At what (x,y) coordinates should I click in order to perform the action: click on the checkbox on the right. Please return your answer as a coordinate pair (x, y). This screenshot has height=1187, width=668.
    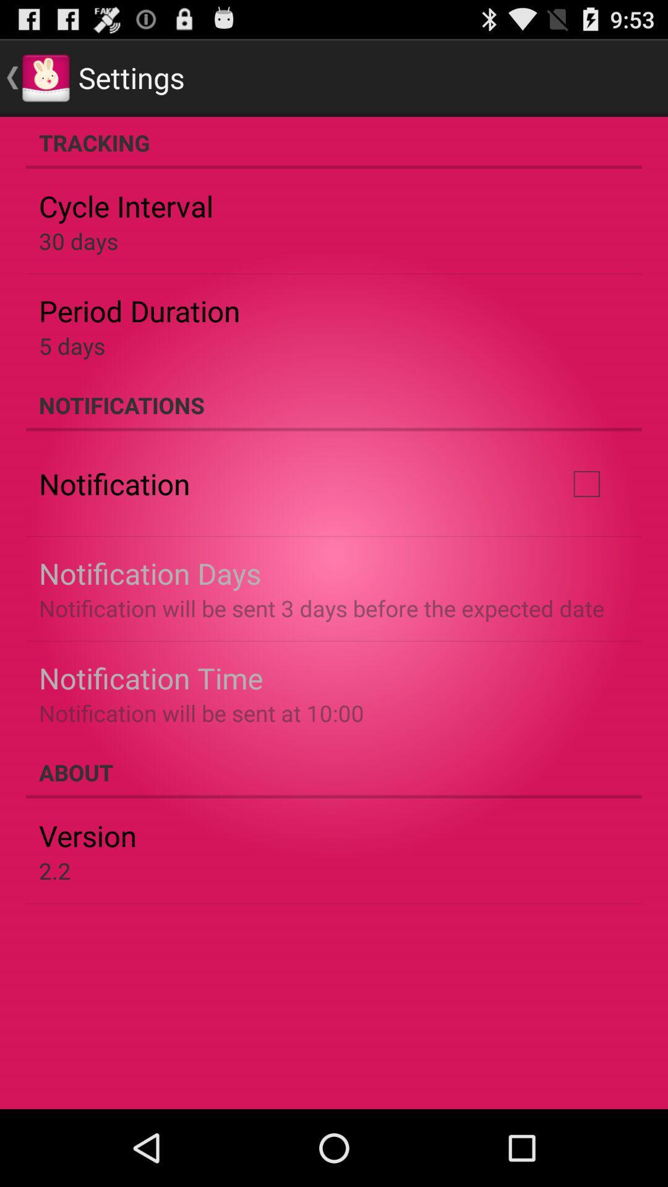
    Looking at the image, I should click on (586, 483).